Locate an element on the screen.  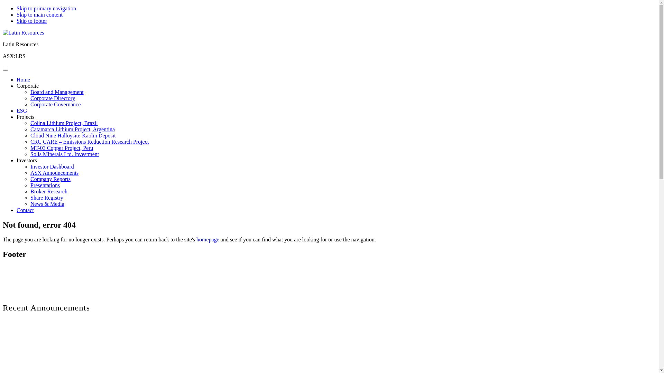
'ESG' is located at coordinates (17, 110).